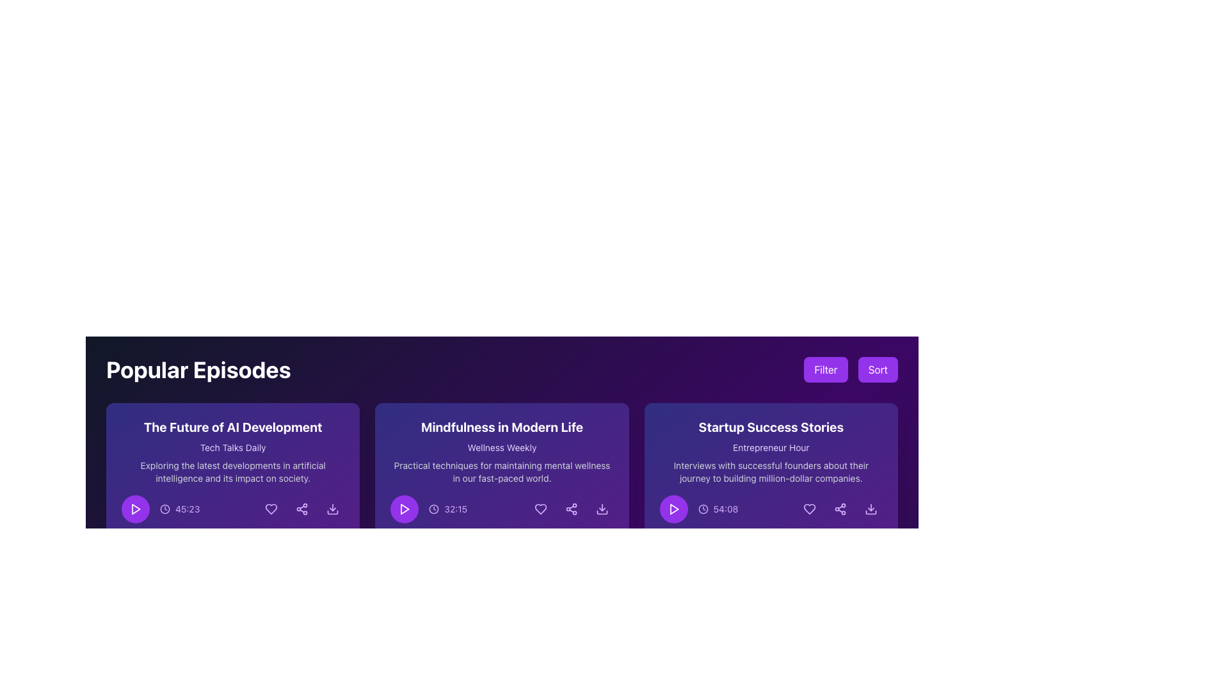 Image resolution: width=1229 pixels, height=691 pixels. What do you see at coordinates (429, 508) in the screenshot?
I see `the circular clock icon next to the duration label '32:15' under the 'Mindfulness in Modern Life' card in the 'Popular Episodes' section for potential additional functionality` at bounding box center [429, 508].